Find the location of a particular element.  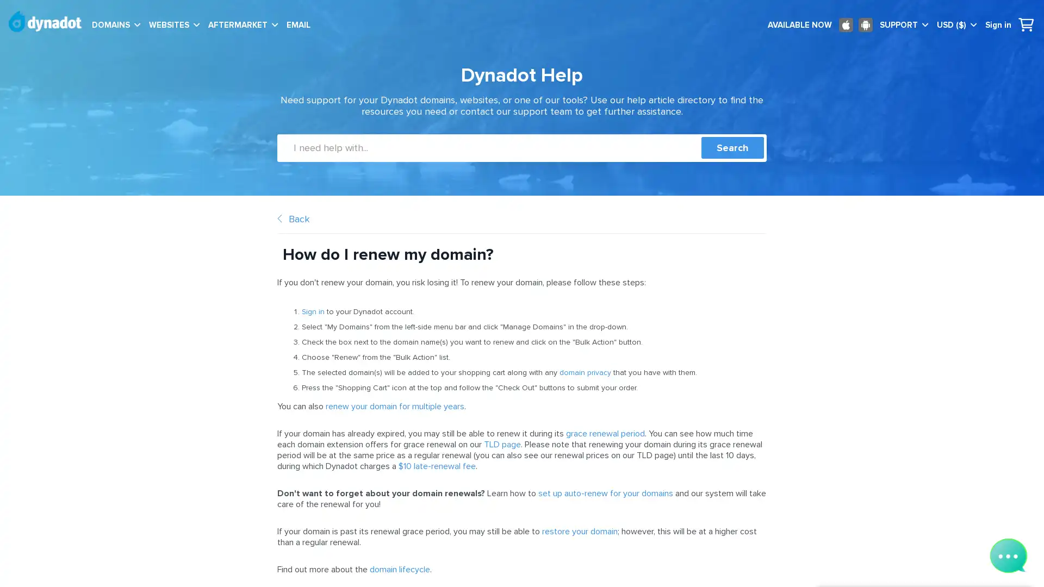

Search is located at coordinates (732, 148).